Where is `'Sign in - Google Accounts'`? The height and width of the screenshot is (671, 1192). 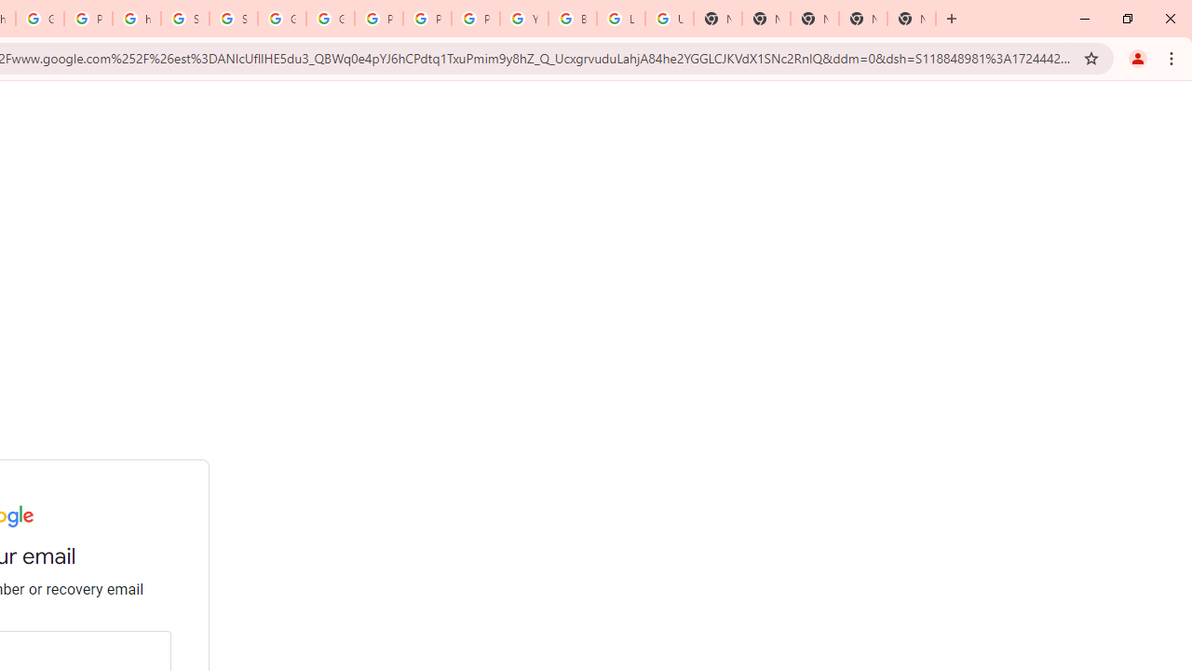
'Sign in - Google Accounts' is located at coordinates (185, 19).